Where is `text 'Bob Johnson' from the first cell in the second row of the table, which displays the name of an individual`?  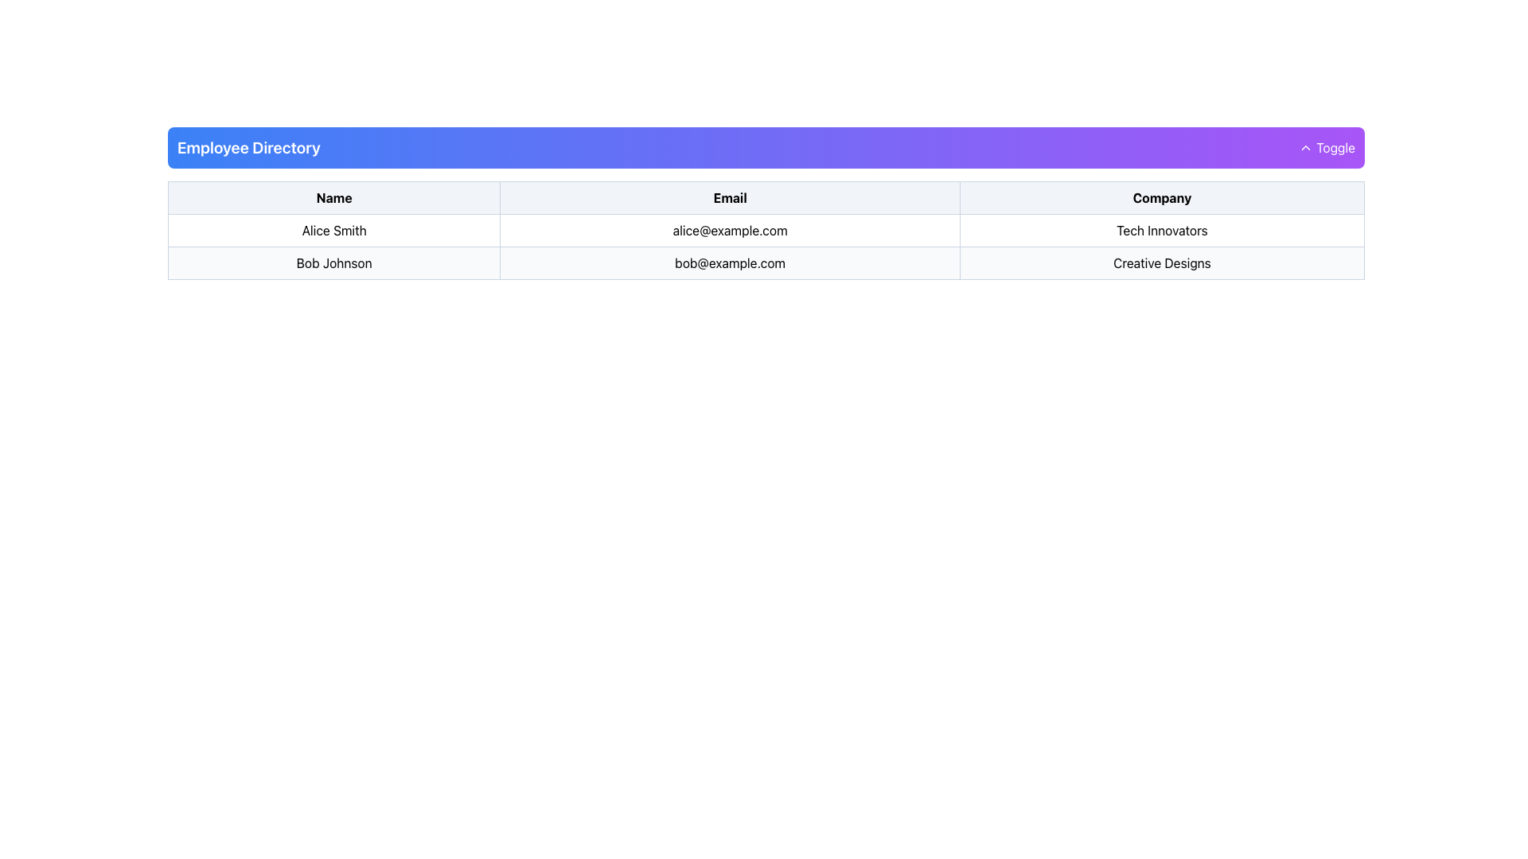
text 'Bob Johnson' from the first cell in the second row of the table, which displays the name of an individual is located at coordinates (333, 262).